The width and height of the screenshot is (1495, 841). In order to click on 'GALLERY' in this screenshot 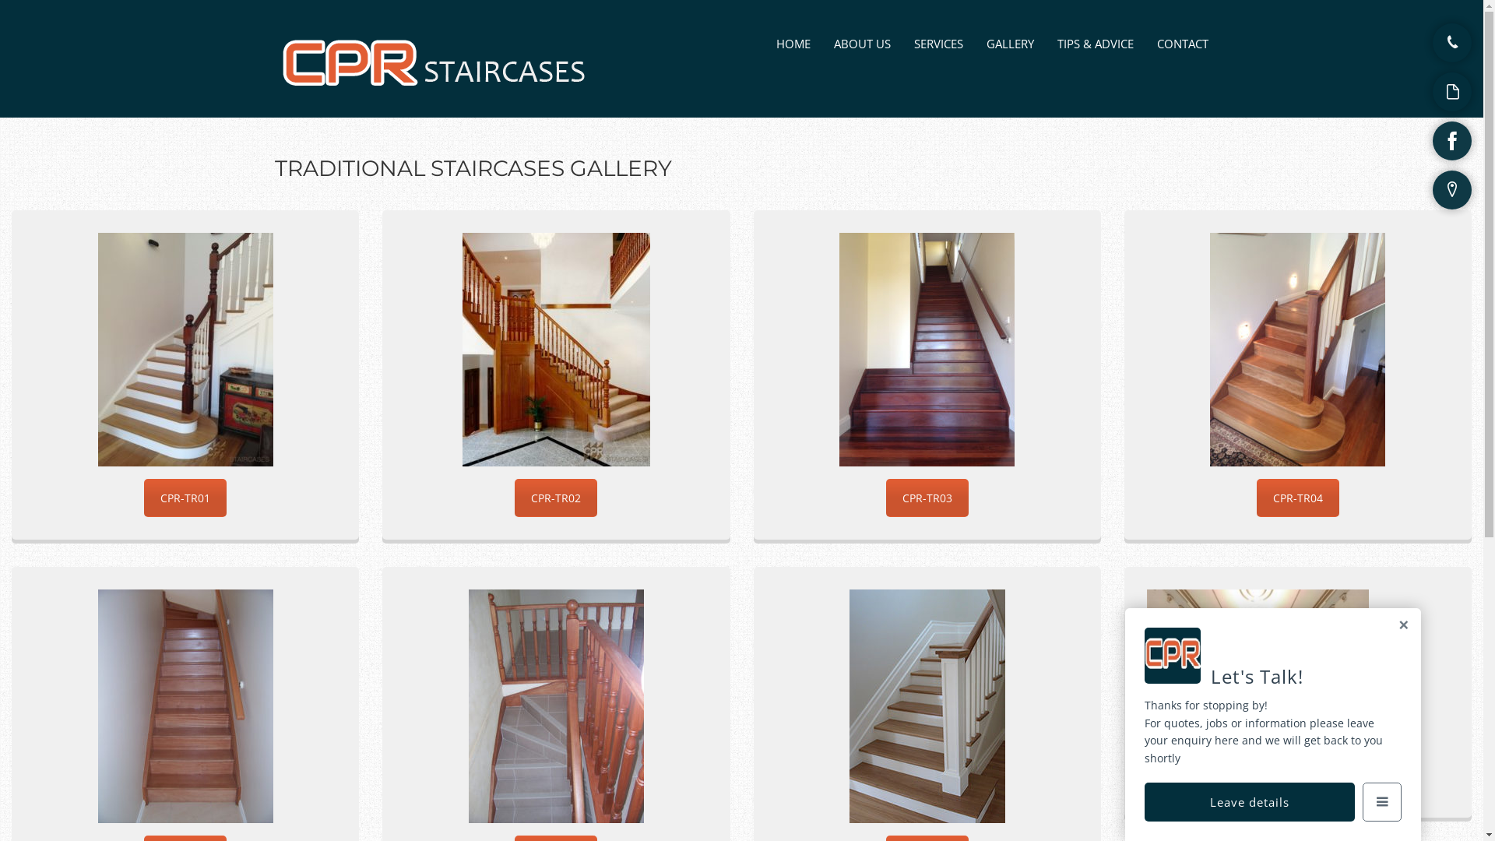, I will do `click(1010, 43)`.